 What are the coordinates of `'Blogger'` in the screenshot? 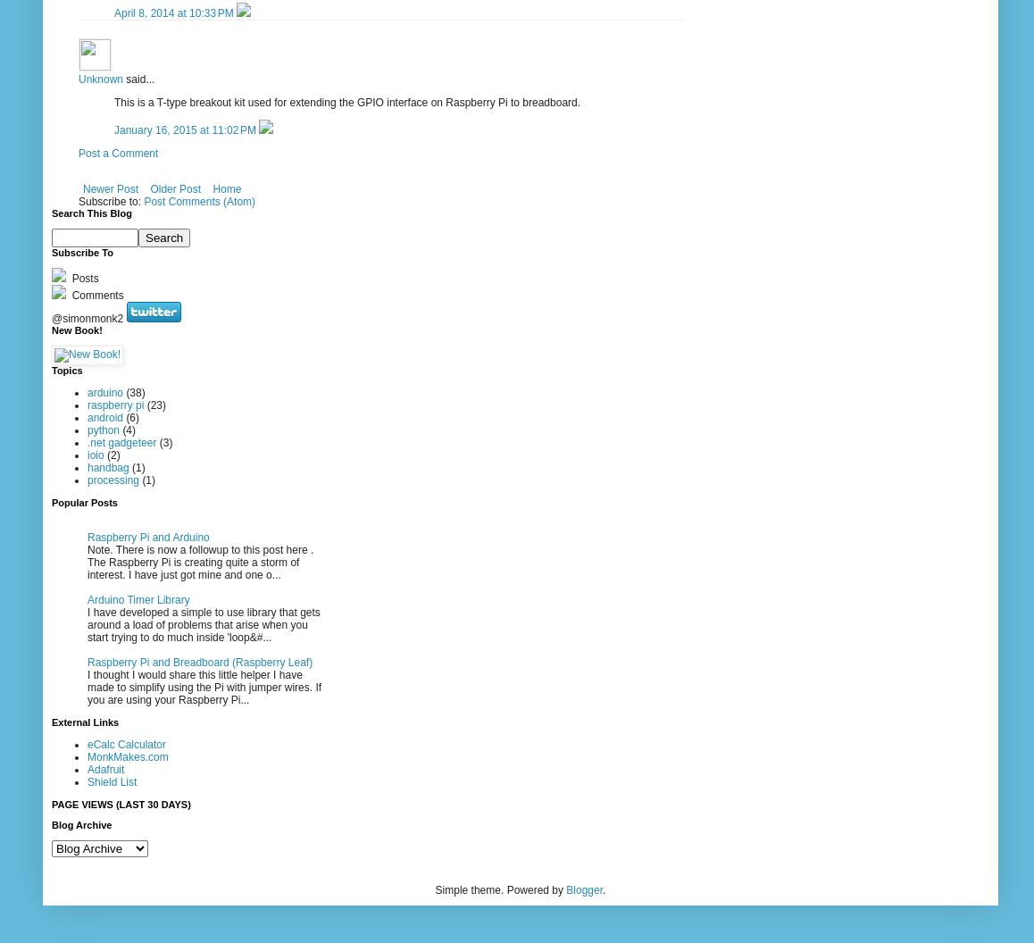 It's located at (584, 889).